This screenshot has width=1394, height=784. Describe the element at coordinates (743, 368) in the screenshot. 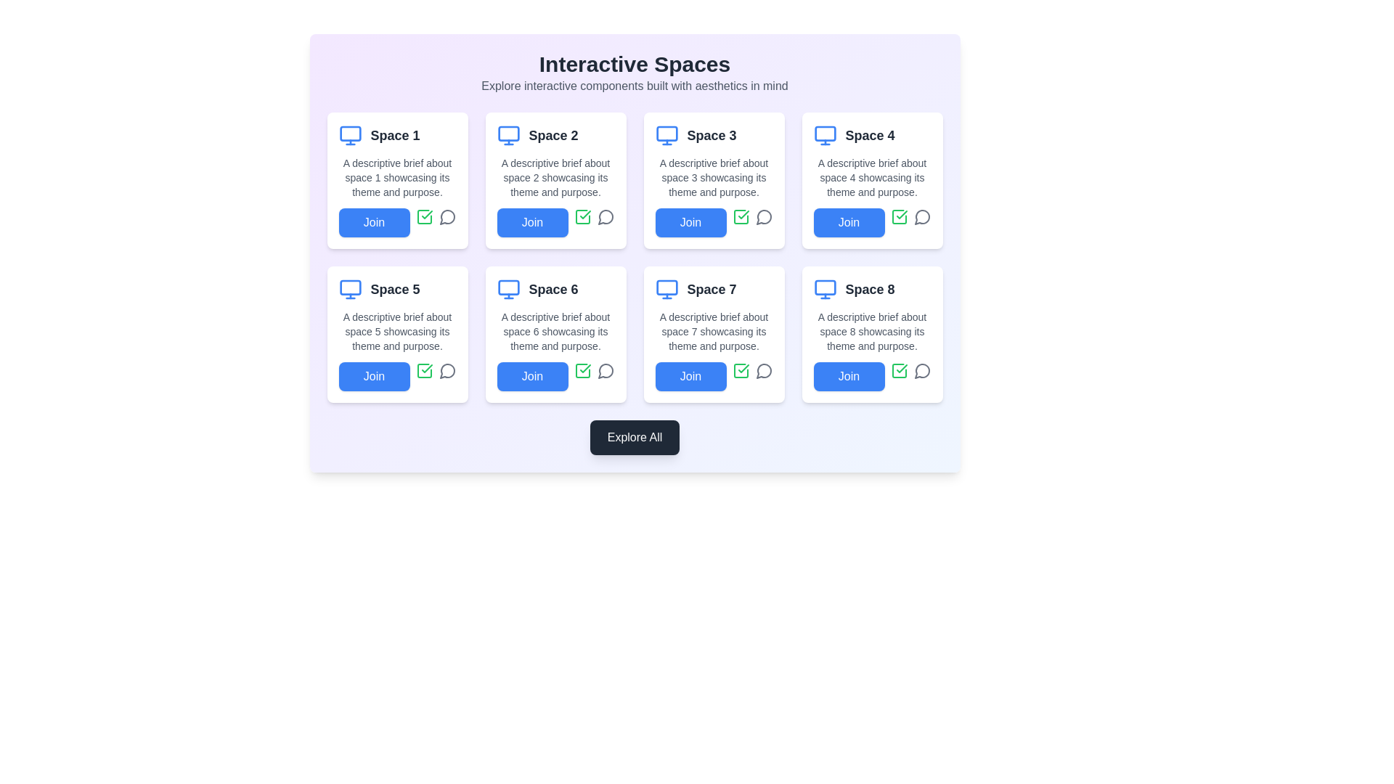

I see `the confirmation icon located in 'Space 7', which is the second icon in a sequence of three, positioned to the right of the 'Join' button` at that location.